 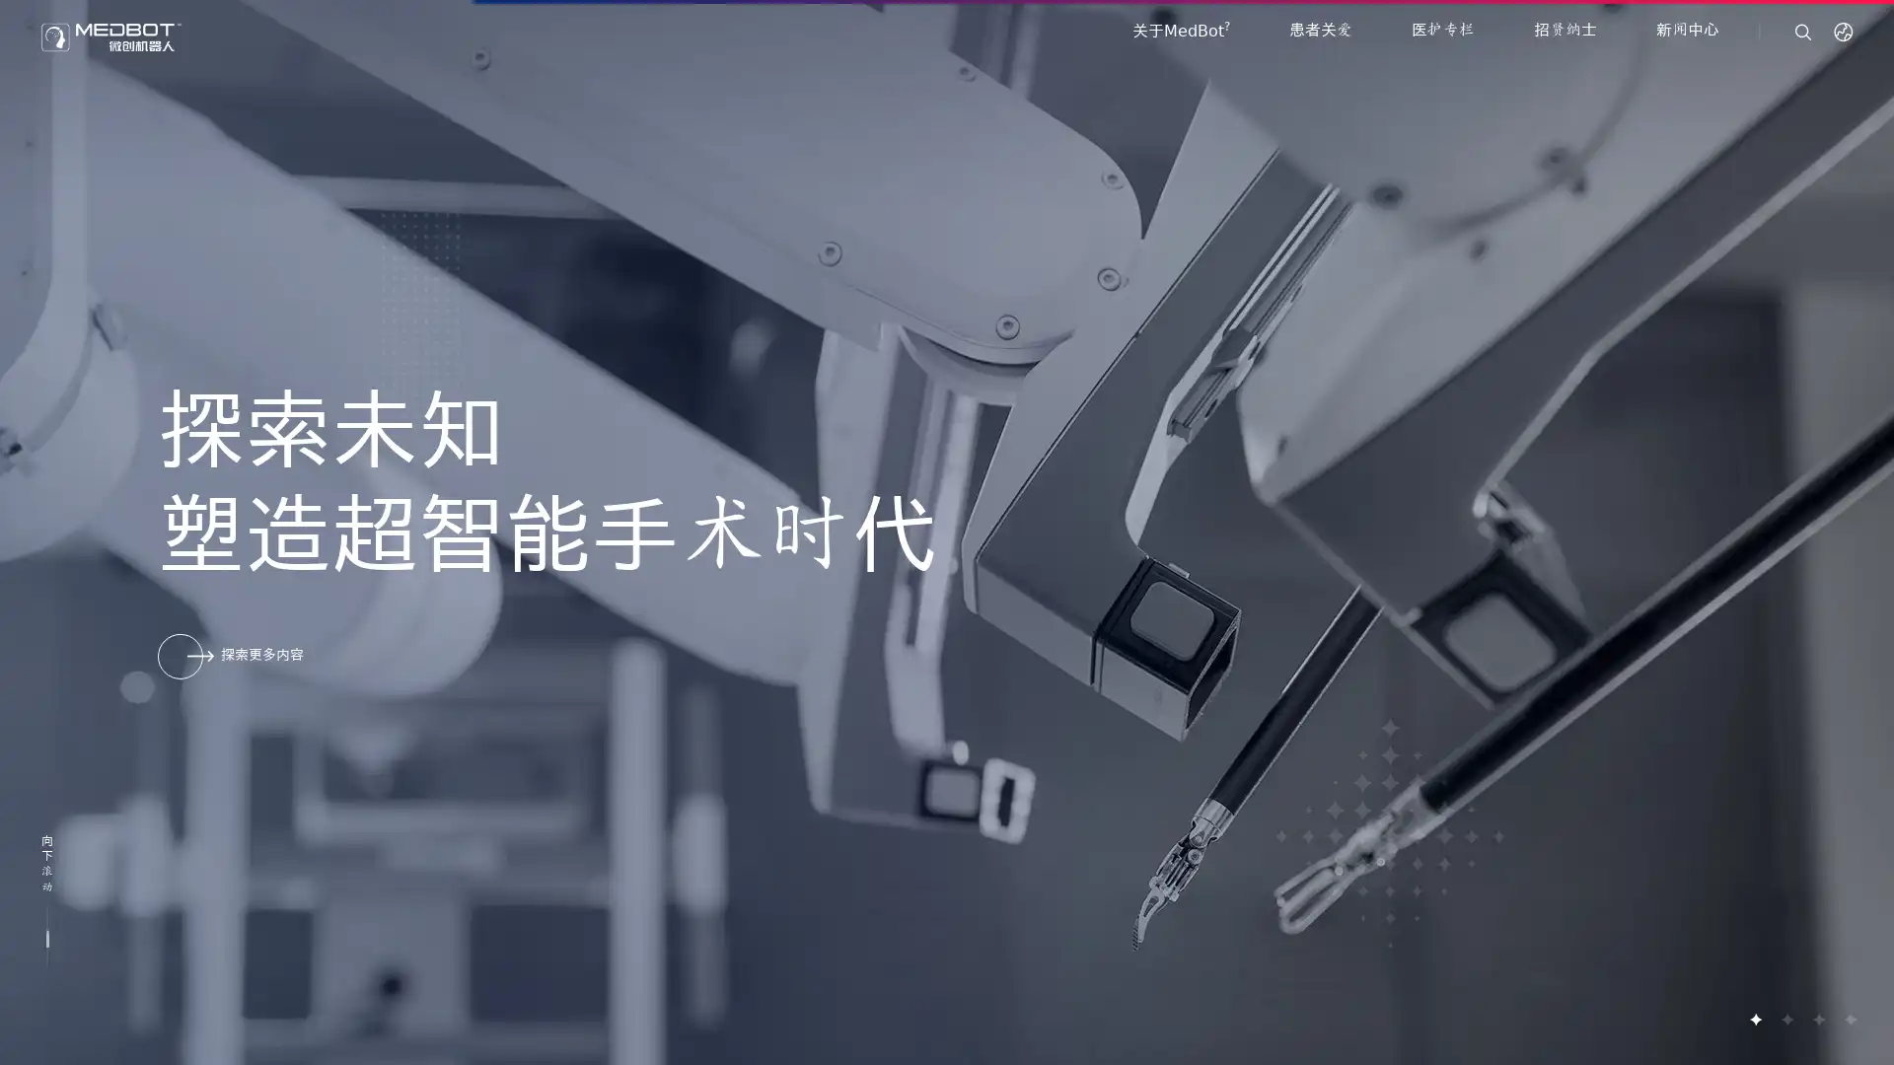 I want to click on Go to slide 1, so click(x=1755, y=1019).